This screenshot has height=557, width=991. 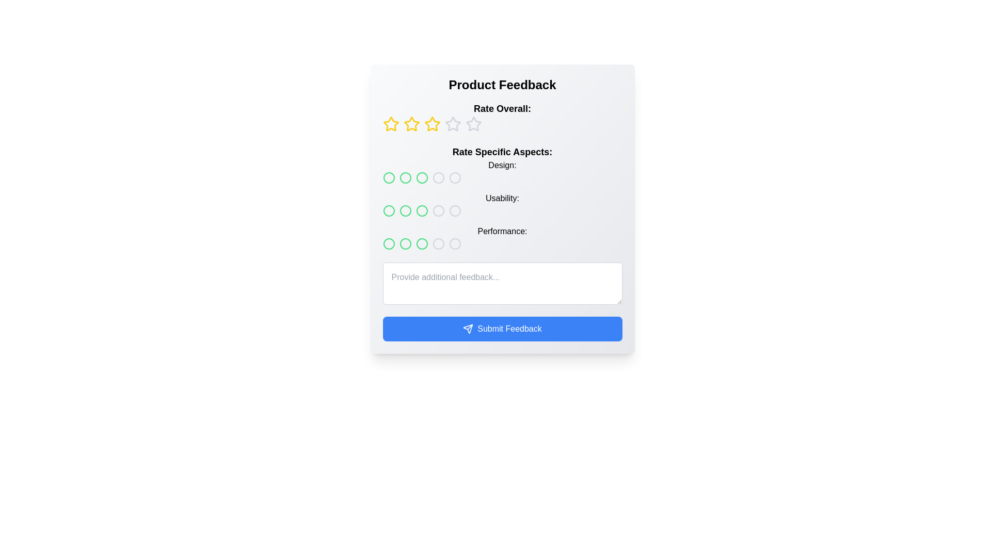 I want to click on the center of the first circular radio button with a green stroke and white fill in the horizontal row under the 'Usability' section, so click(x=388, y=210).